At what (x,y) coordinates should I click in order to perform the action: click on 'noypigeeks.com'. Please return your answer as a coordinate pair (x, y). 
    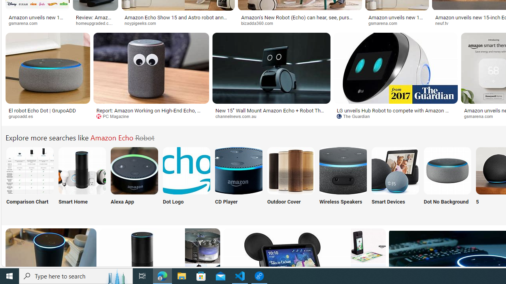
    Looking at the image, I should click on (177, 23).